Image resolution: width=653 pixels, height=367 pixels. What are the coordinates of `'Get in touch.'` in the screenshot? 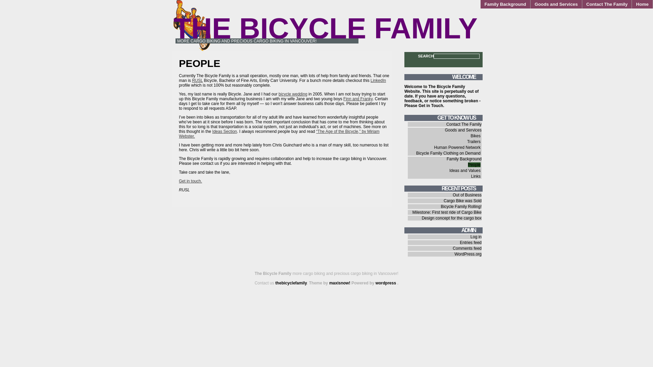 It's located at (190, 180).